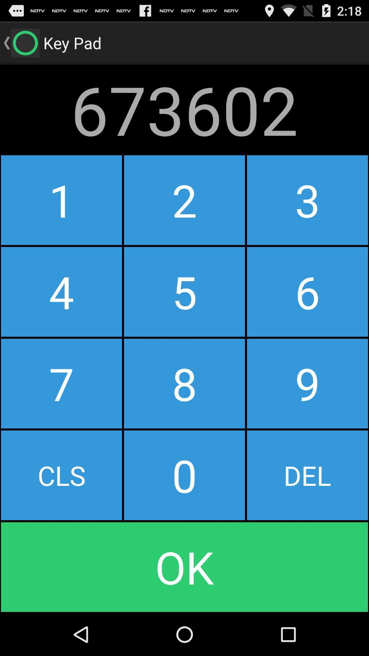  I want to click on item next to 2 icon, so click(61, 200).